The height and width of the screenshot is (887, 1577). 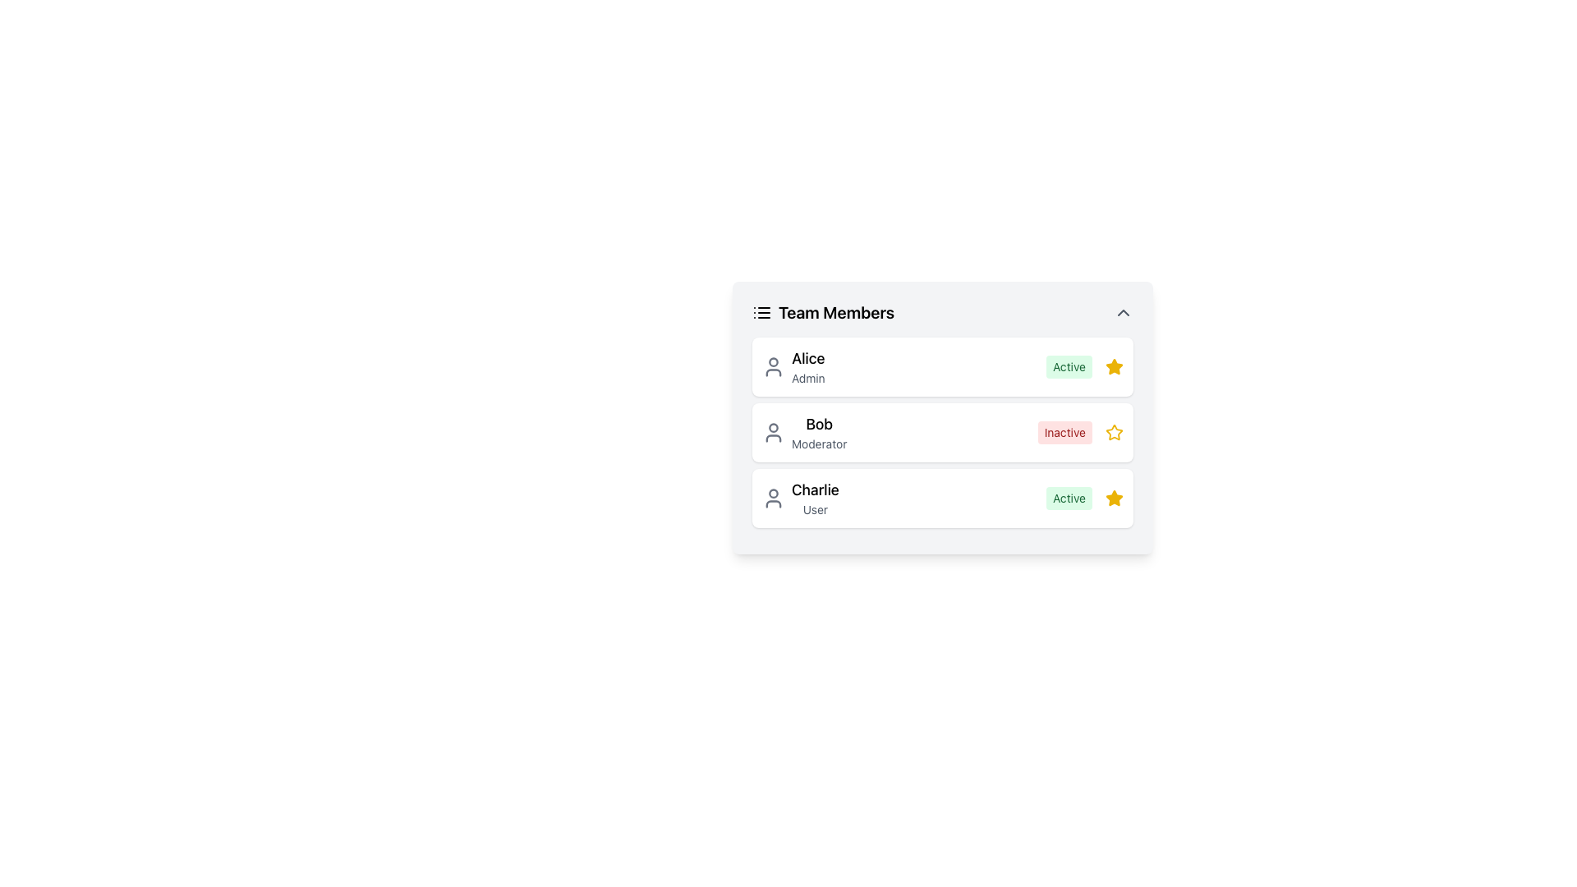 What do you see at coordinates (1084, 497) in the screenshot?
I see `the green 'Active' badge next to the user 'Charlie' in the 'Team Members' card` at bounding box center [1084, 497].